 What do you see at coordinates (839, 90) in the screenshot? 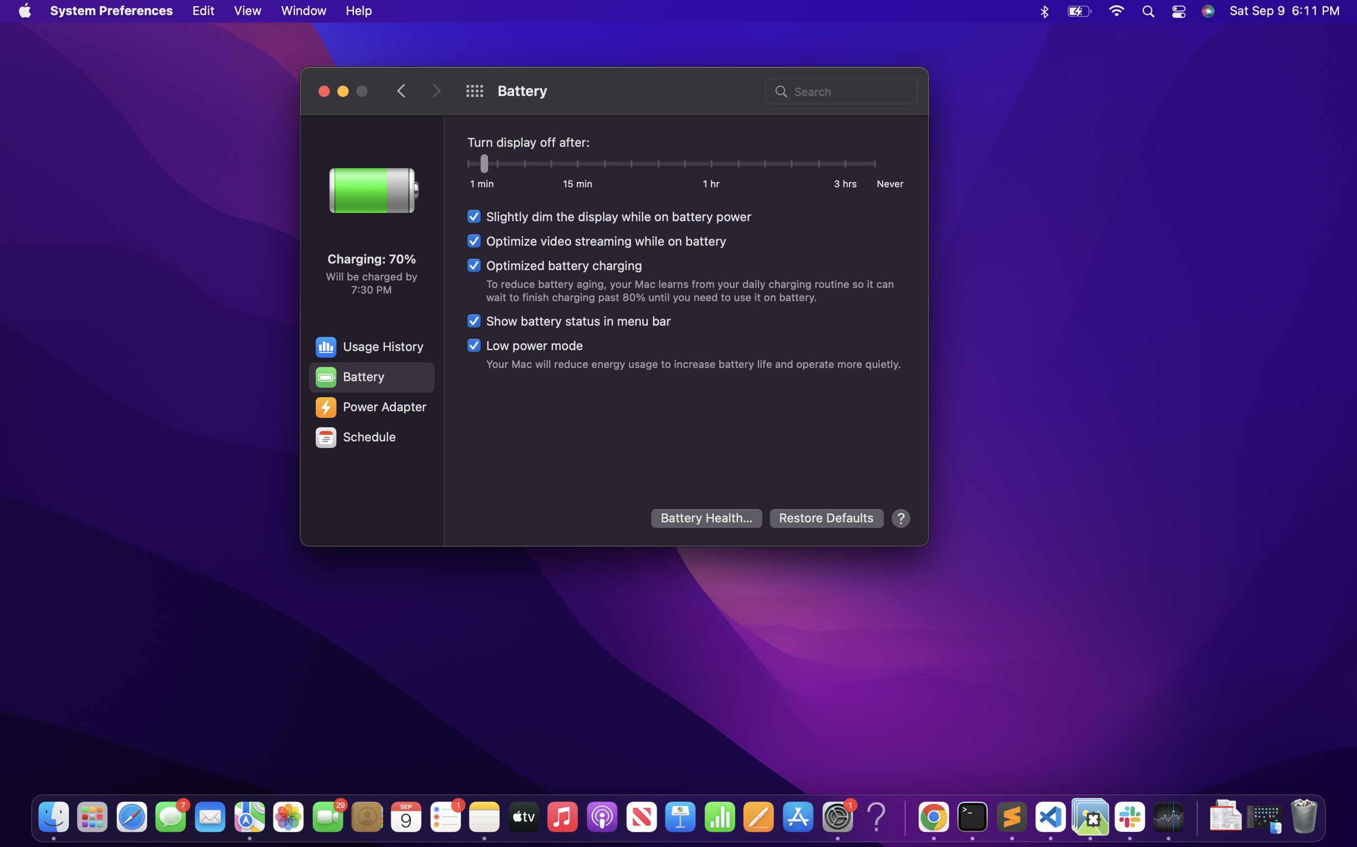
I see `Search for "power adapter" in the search bar` at bounding box center [839, 90].